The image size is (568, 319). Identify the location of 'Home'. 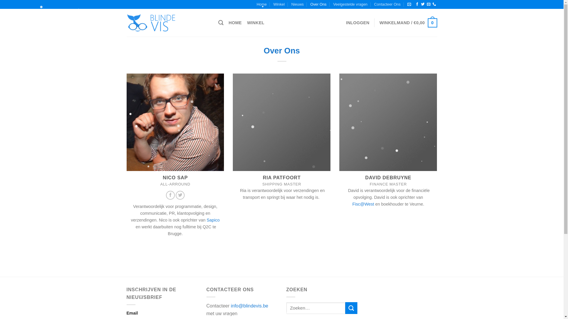
(261, 4).